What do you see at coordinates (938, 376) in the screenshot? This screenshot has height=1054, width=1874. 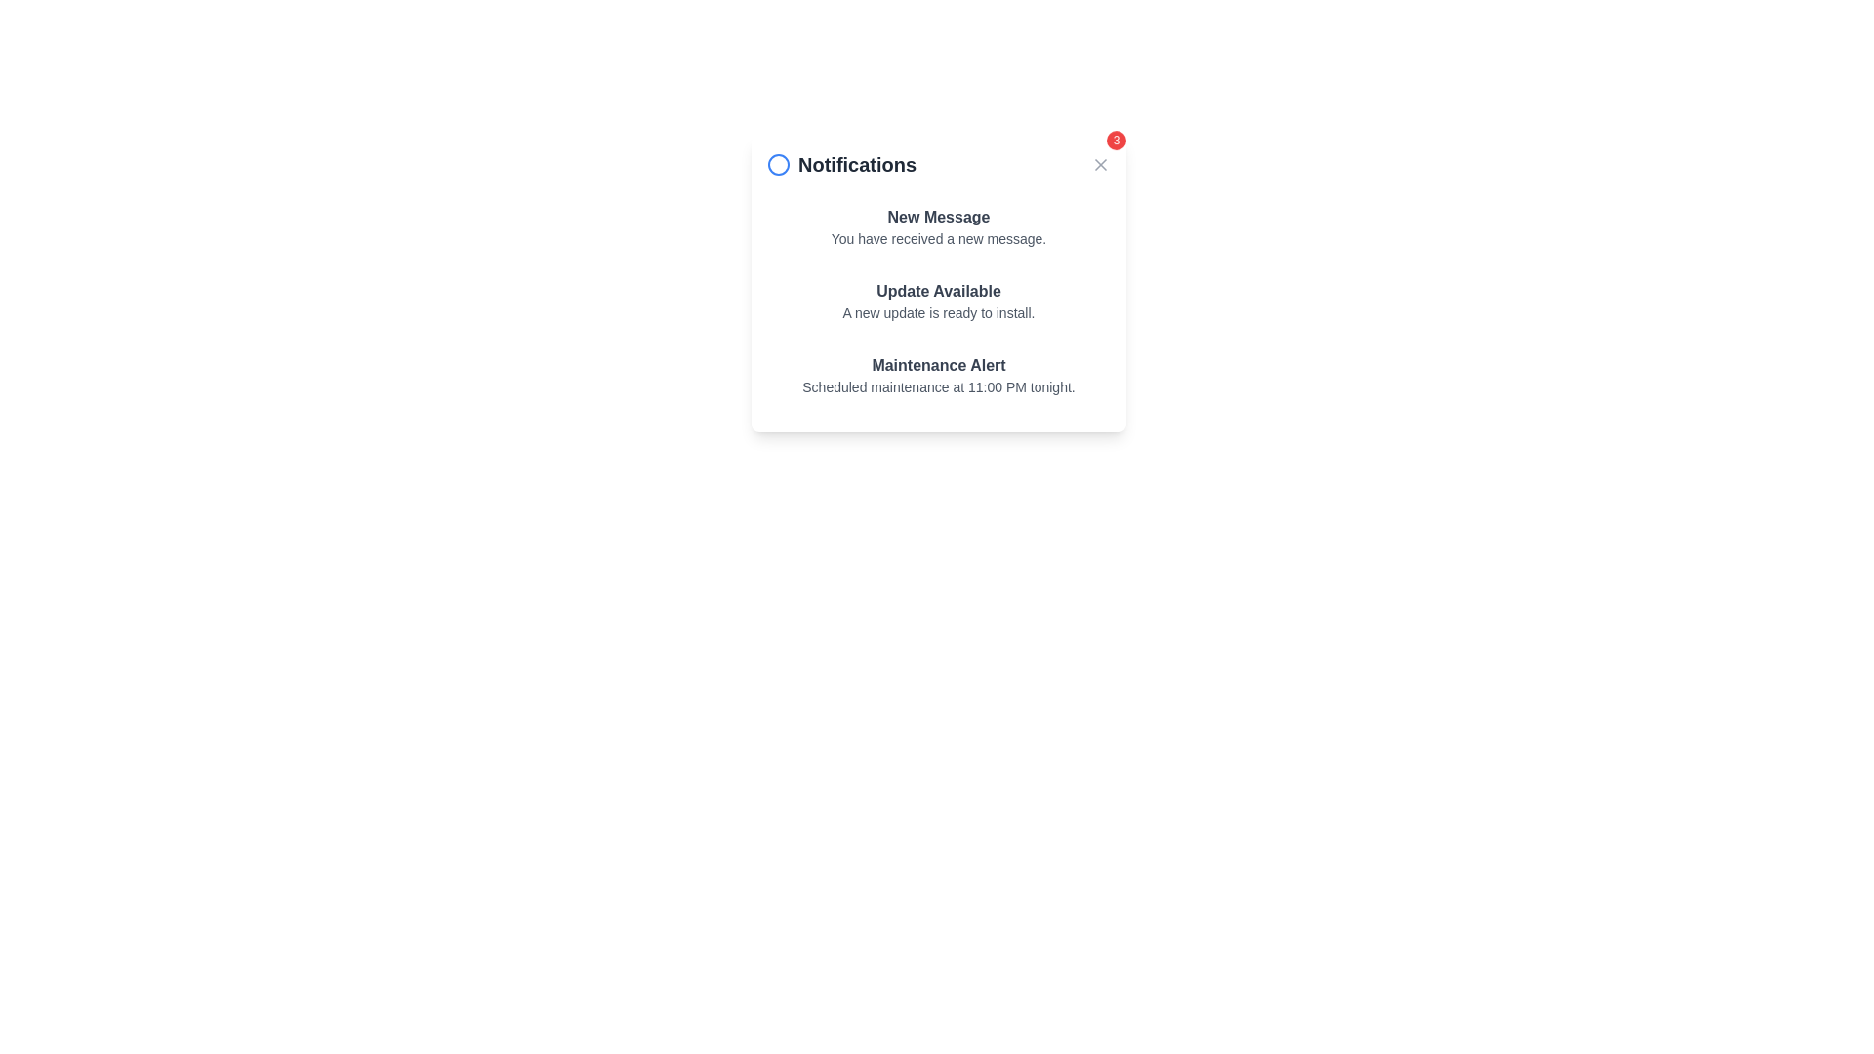 I see `the third informational notification component that informs the user about a scheduled maintenance event, positioned at the bottom of the notification list` at bounding box center [938, 376].